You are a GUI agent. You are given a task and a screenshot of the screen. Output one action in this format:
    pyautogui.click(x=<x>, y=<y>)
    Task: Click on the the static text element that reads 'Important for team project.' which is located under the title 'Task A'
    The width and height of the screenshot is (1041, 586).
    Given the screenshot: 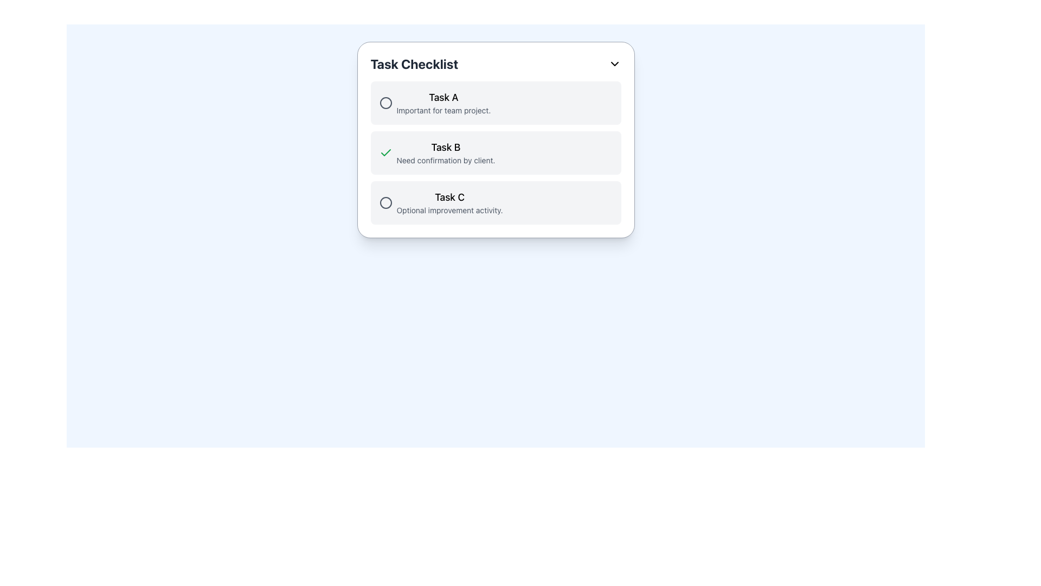 What is the action you would take?
    pyautogui.click(x=444, y=111)
    